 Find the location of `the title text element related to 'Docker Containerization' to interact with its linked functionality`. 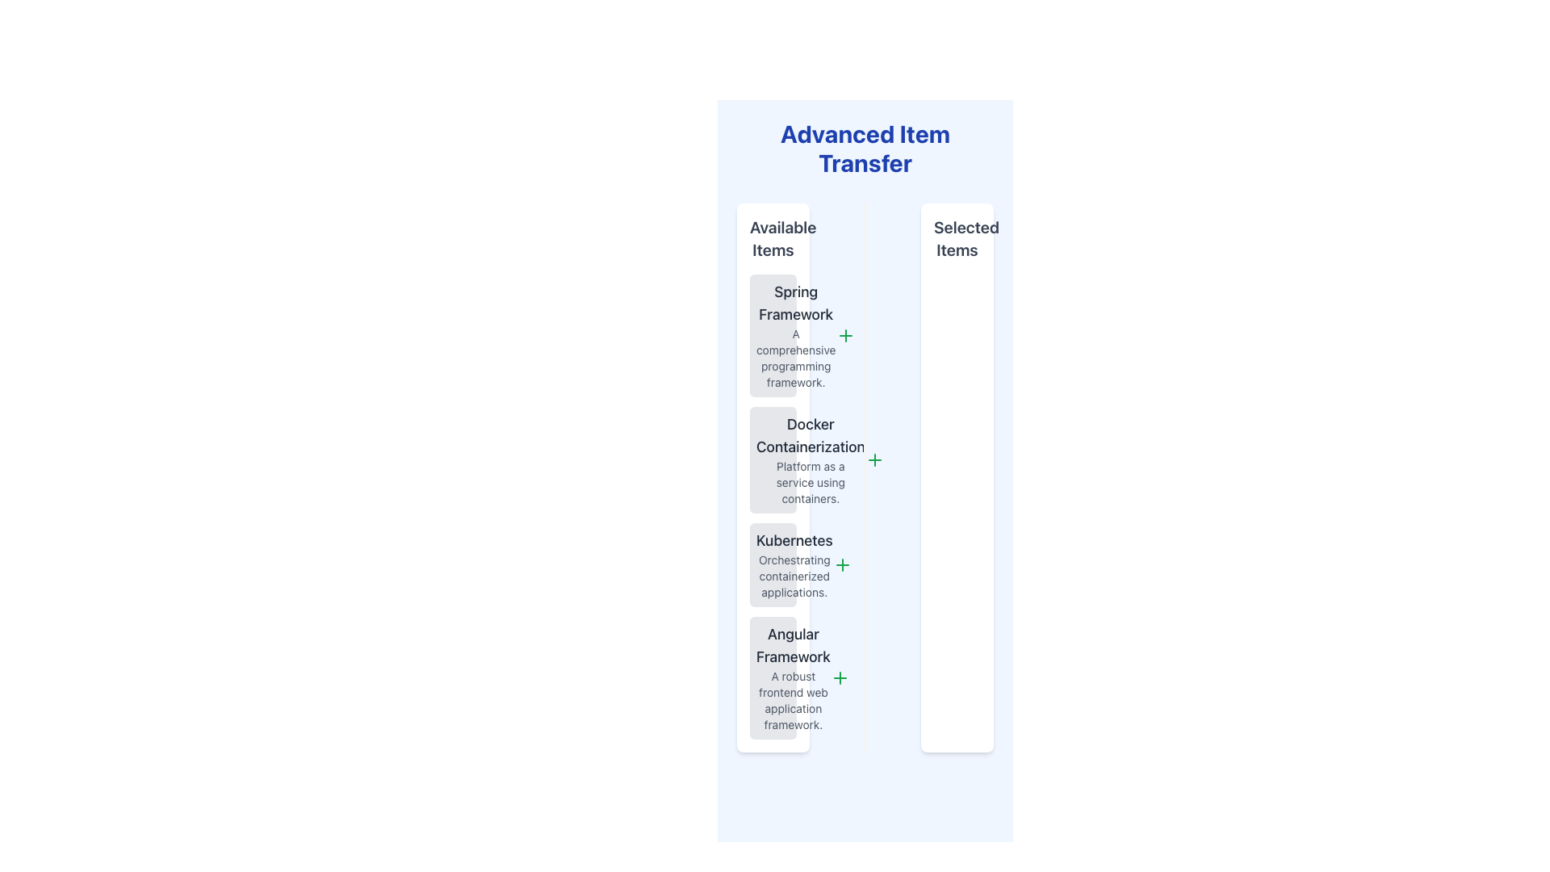

the title text element related to 'Docker Containerization' to interact with its linked functionality is located at coordinates (811, 436).